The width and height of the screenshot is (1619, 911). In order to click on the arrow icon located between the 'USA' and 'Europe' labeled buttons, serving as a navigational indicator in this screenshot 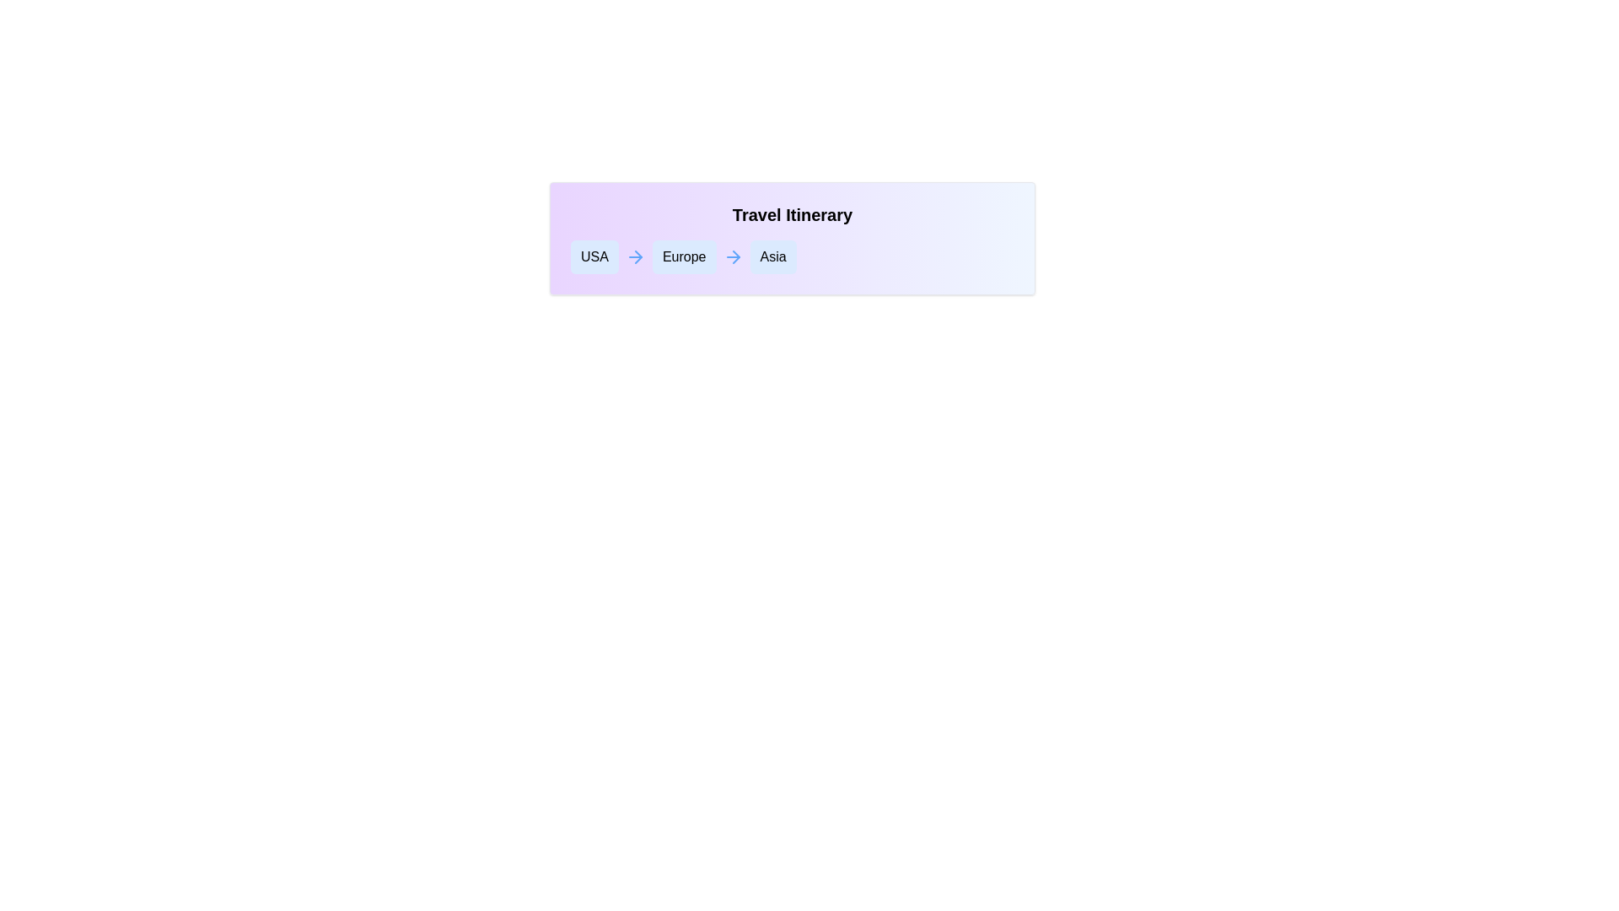, I will do `click(634, 256)`.